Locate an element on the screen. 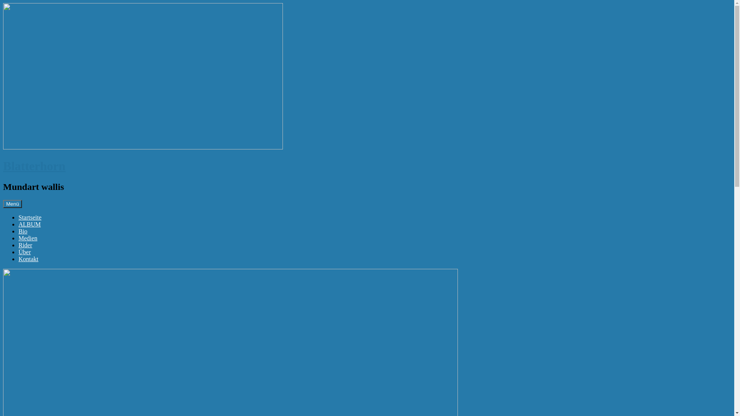 This screenshot has height=416, width=740. 'Blatterhorn' is located at coordinates (34, 166).